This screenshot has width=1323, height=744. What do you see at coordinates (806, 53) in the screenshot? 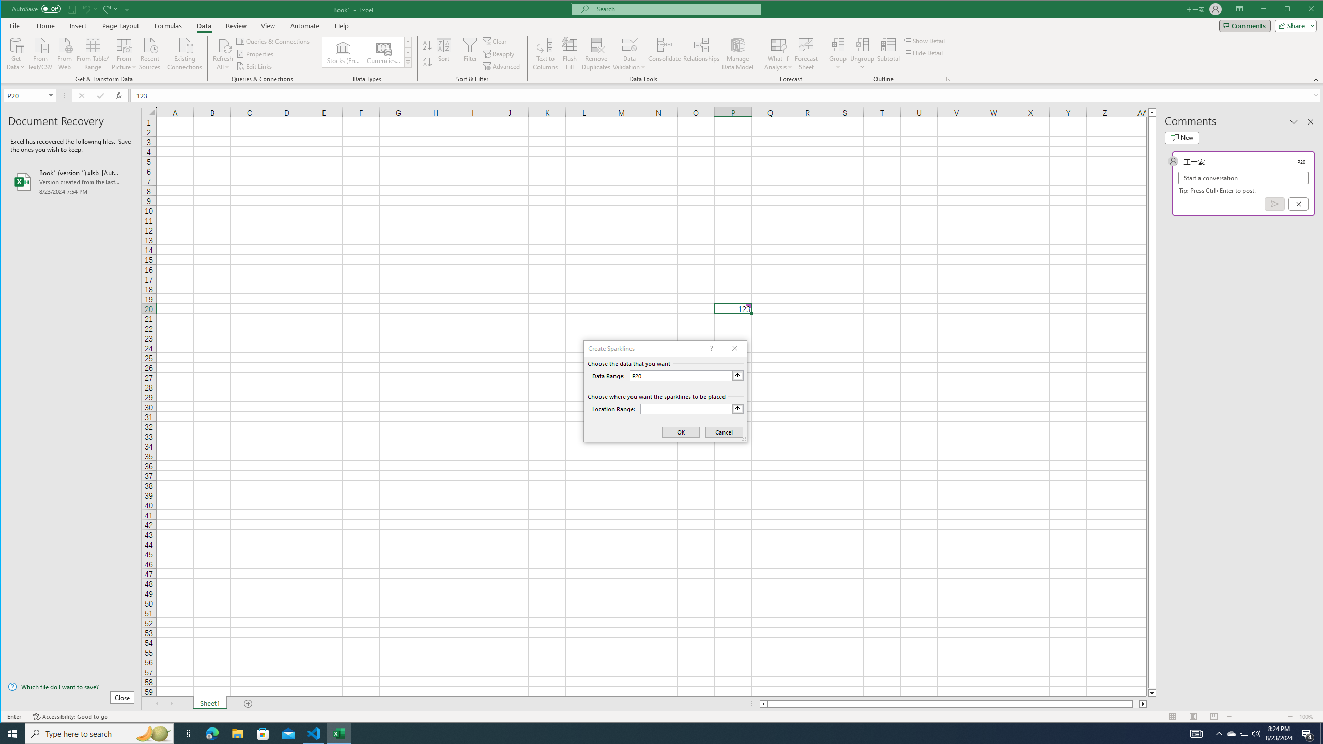
I see `'Forecast Sheet'` at bounding box center [806, 53].